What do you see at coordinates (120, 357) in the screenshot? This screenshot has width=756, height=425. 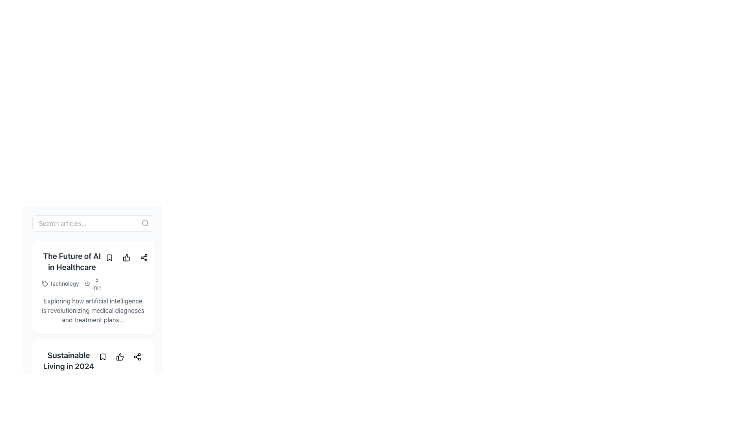 I see `the 'like' icon located in the interactive circular button at the rightmost section of the content card associated with 'Sustainable Living in 2024' to express appreciation for the content` at bounding box center [120, 357].